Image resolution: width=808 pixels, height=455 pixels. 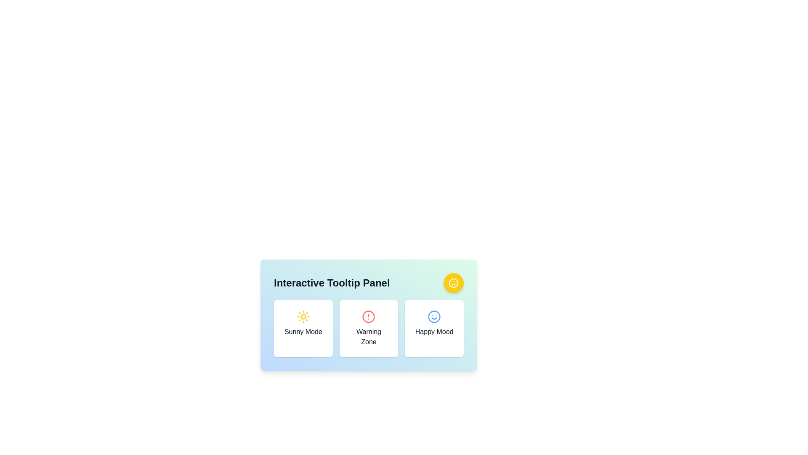 I want to click on the smiling face icon within the bright yellow circular button located in the top-right corner of the 'Interactive Tooltip Panel', so click(x=453, y=283).